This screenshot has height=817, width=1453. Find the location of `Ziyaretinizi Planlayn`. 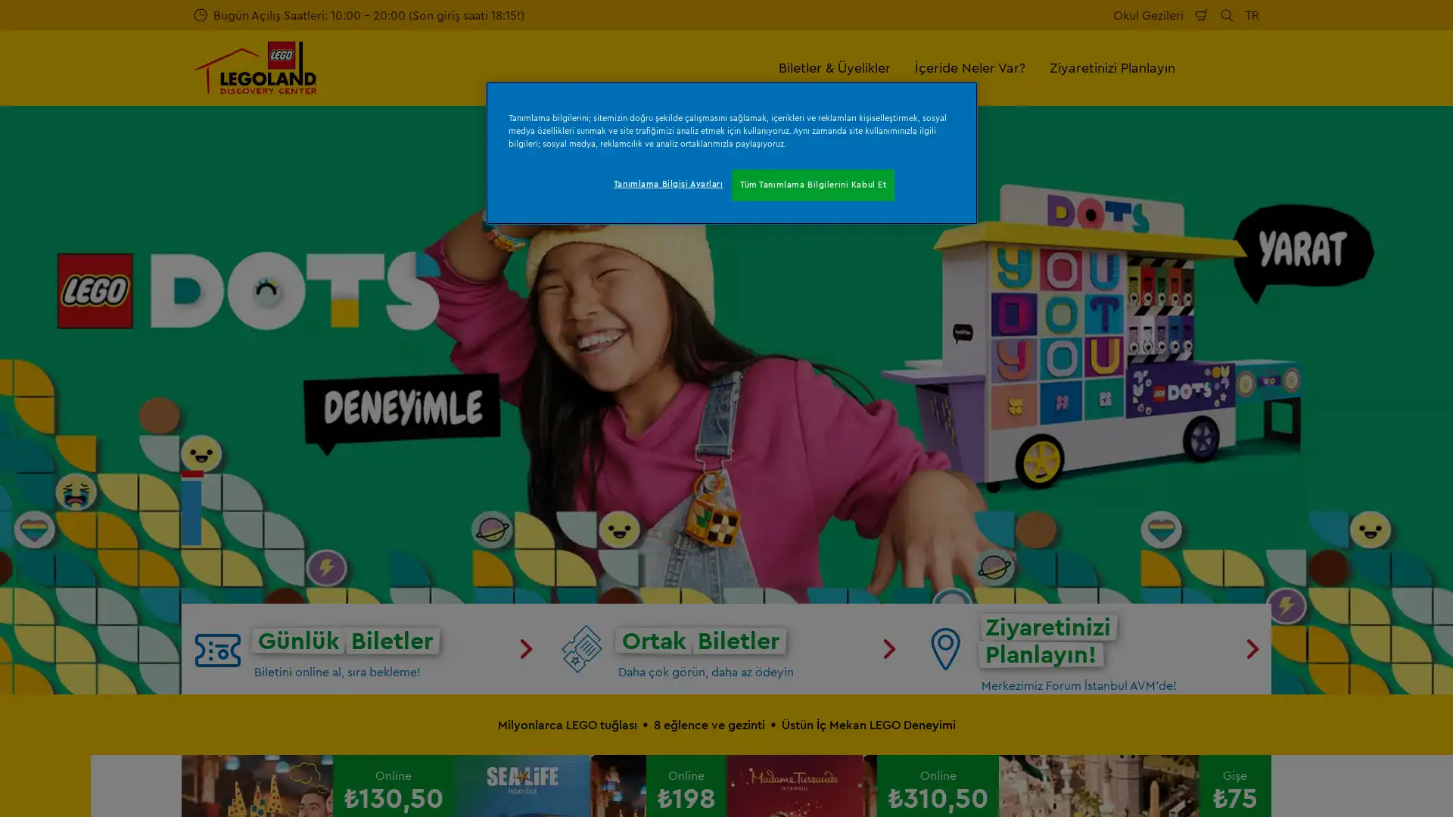

Ziyaretinizi Planlayn is located at coordinates (1112, 67).